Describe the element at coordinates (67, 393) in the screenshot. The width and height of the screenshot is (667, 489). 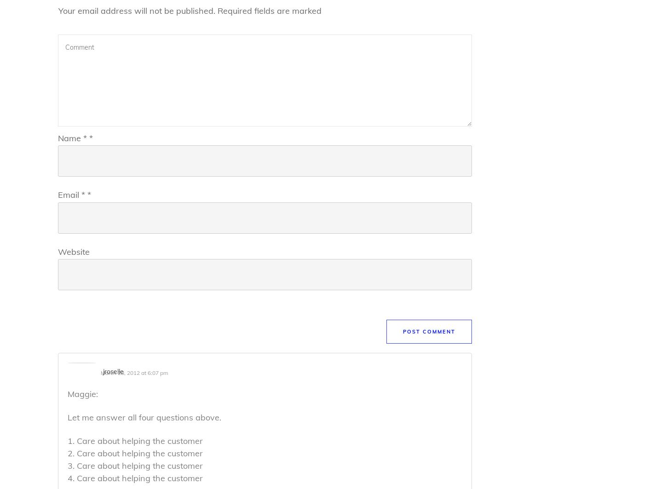
I see `'Maggie:'` at that location.